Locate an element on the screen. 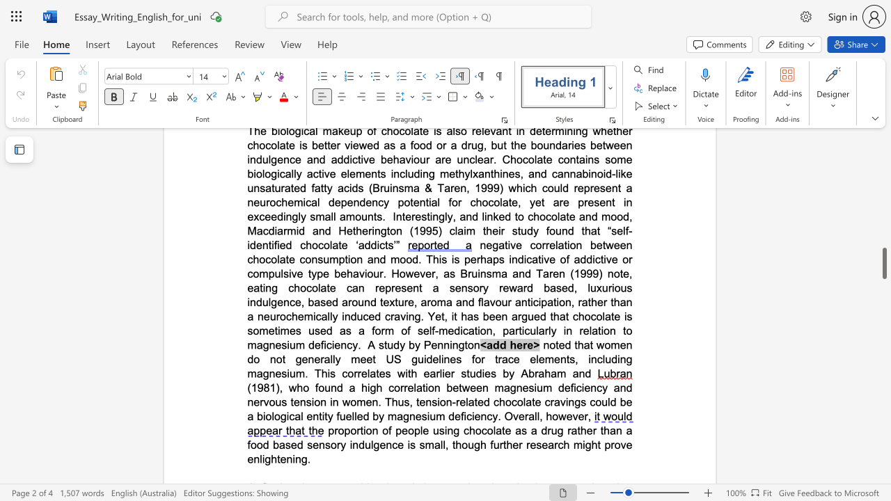 This screenshot has width=891, height=501. the scrollbar to adjust the page upward is located at coordinates (883, 228).